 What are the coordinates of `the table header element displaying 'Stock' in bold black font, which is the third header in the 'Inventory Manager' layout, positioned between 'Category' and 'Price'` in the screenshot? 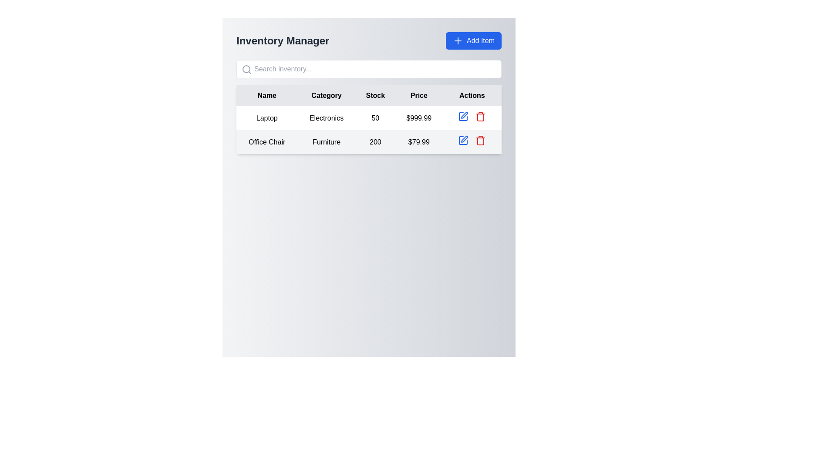 It's located at (375, 95).